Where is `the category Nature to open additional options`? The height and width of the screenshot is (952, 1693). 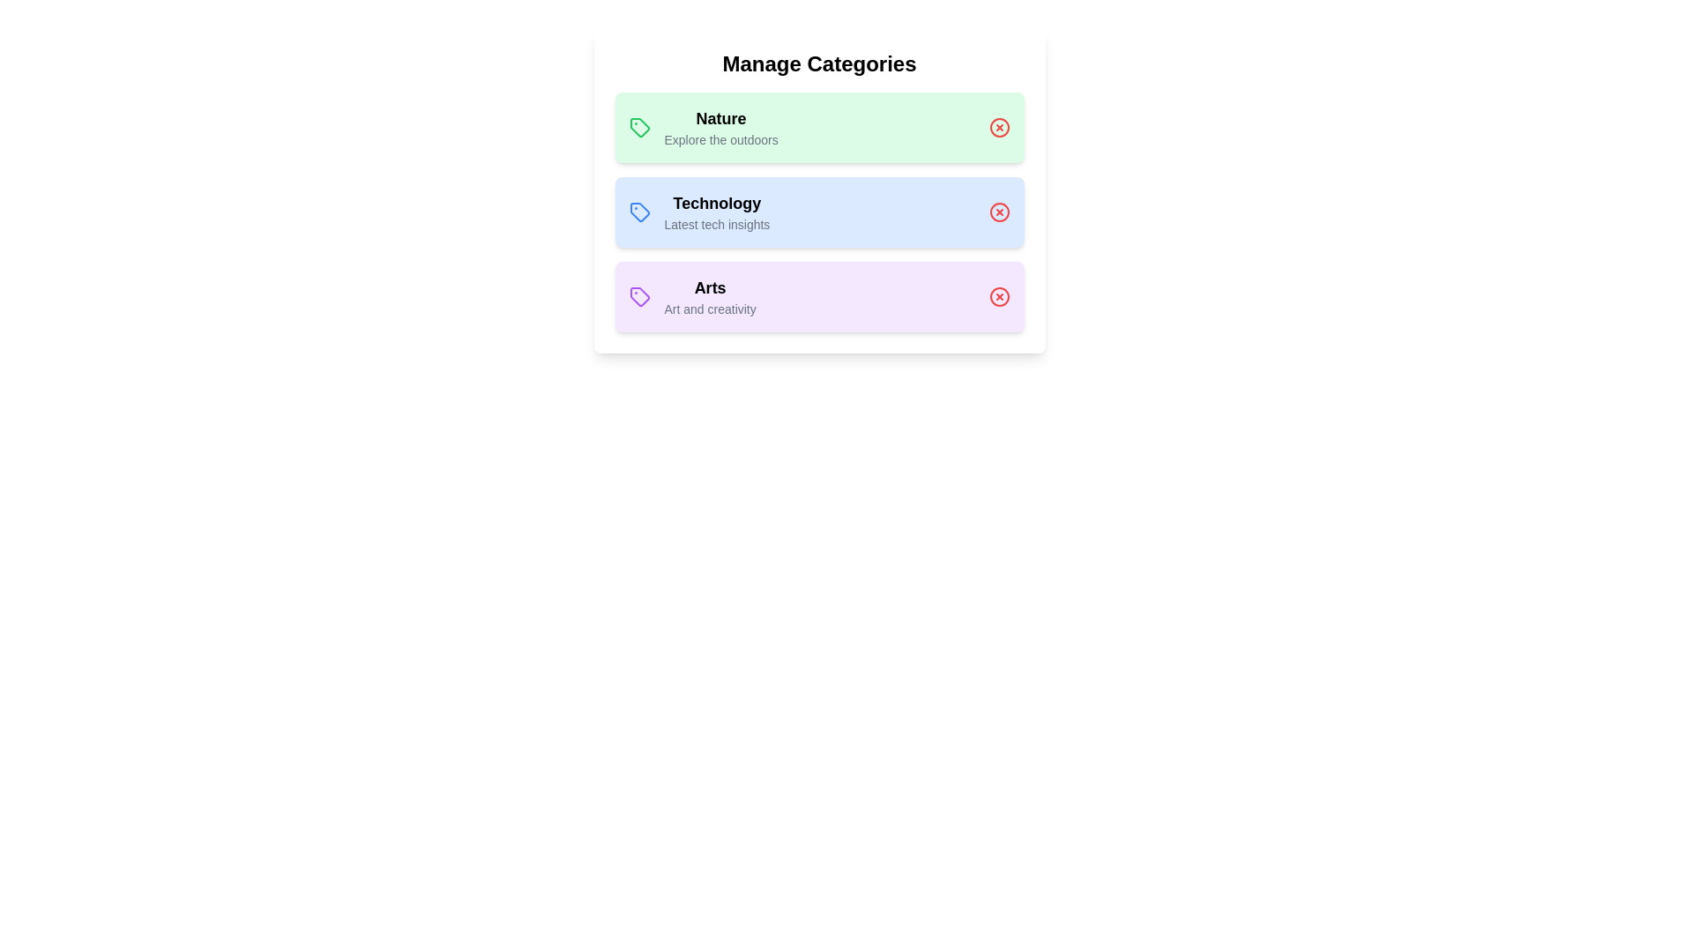
the category Nature to open additional options is located at coordinates (818, 127).